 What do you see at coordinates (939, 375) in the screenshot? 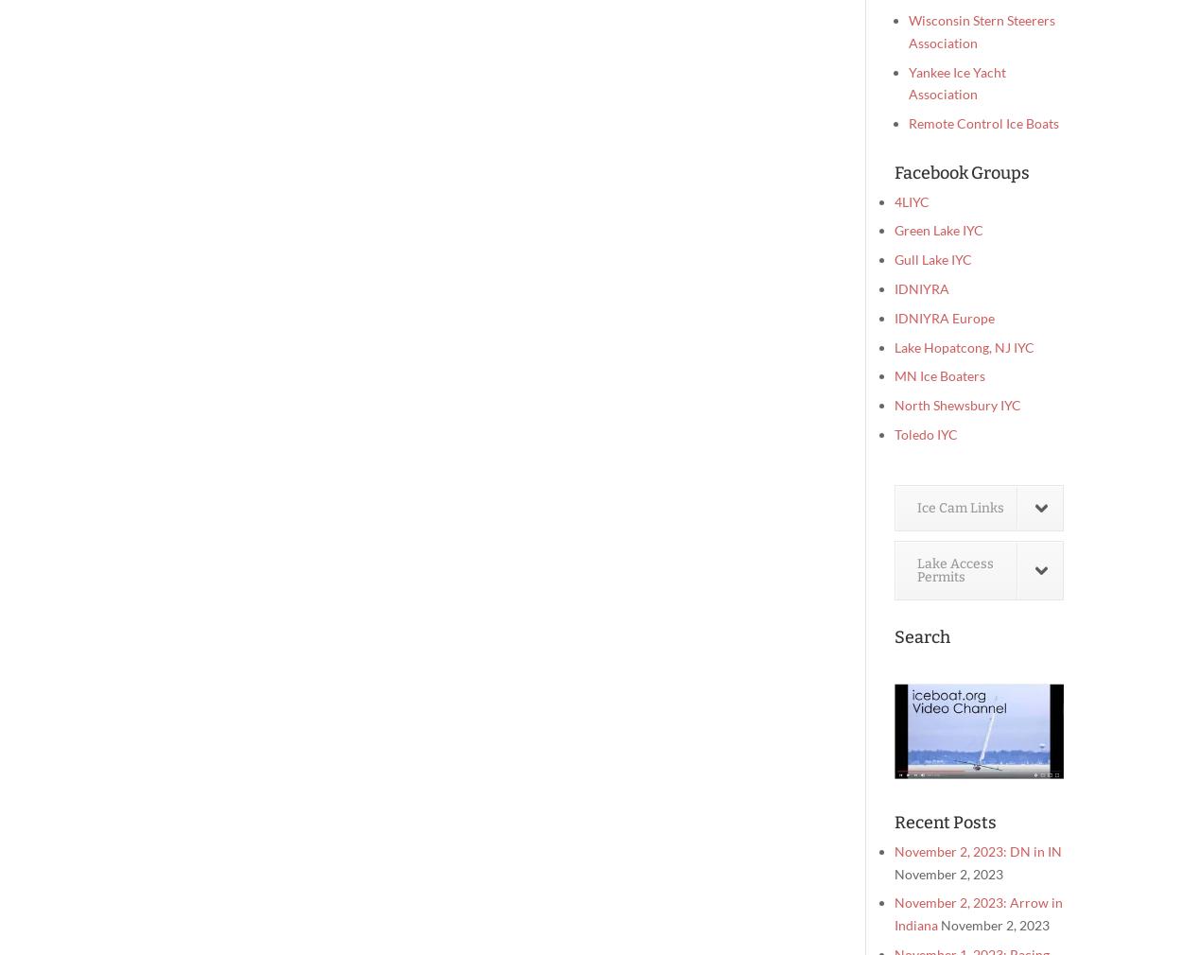
I see `'MN Ice Boaters'` at bounding box center [939, 375].